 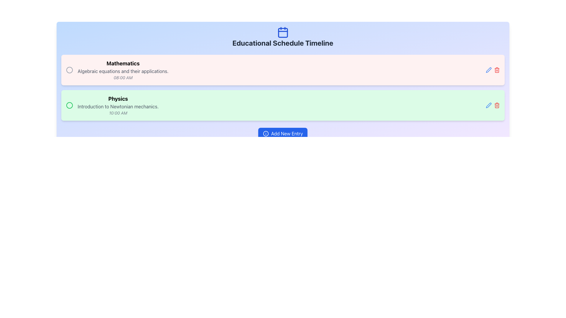 What do you see at coordinates (496, 105) in the screenshot?
I see `the red trash can icon delete button located to the far right of the second content row labeled 'Physics'` at bounding box center [496, 105].